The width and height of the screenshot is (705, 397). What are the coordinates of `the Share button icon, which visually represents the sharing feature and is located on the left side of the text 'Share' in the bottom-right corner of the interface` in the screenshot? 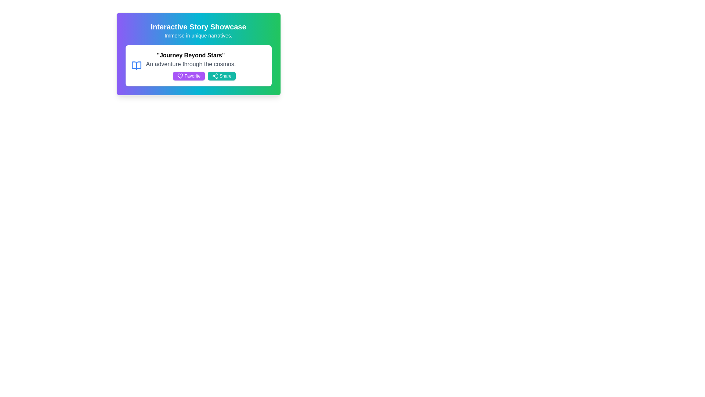 It's located at (214, 76).